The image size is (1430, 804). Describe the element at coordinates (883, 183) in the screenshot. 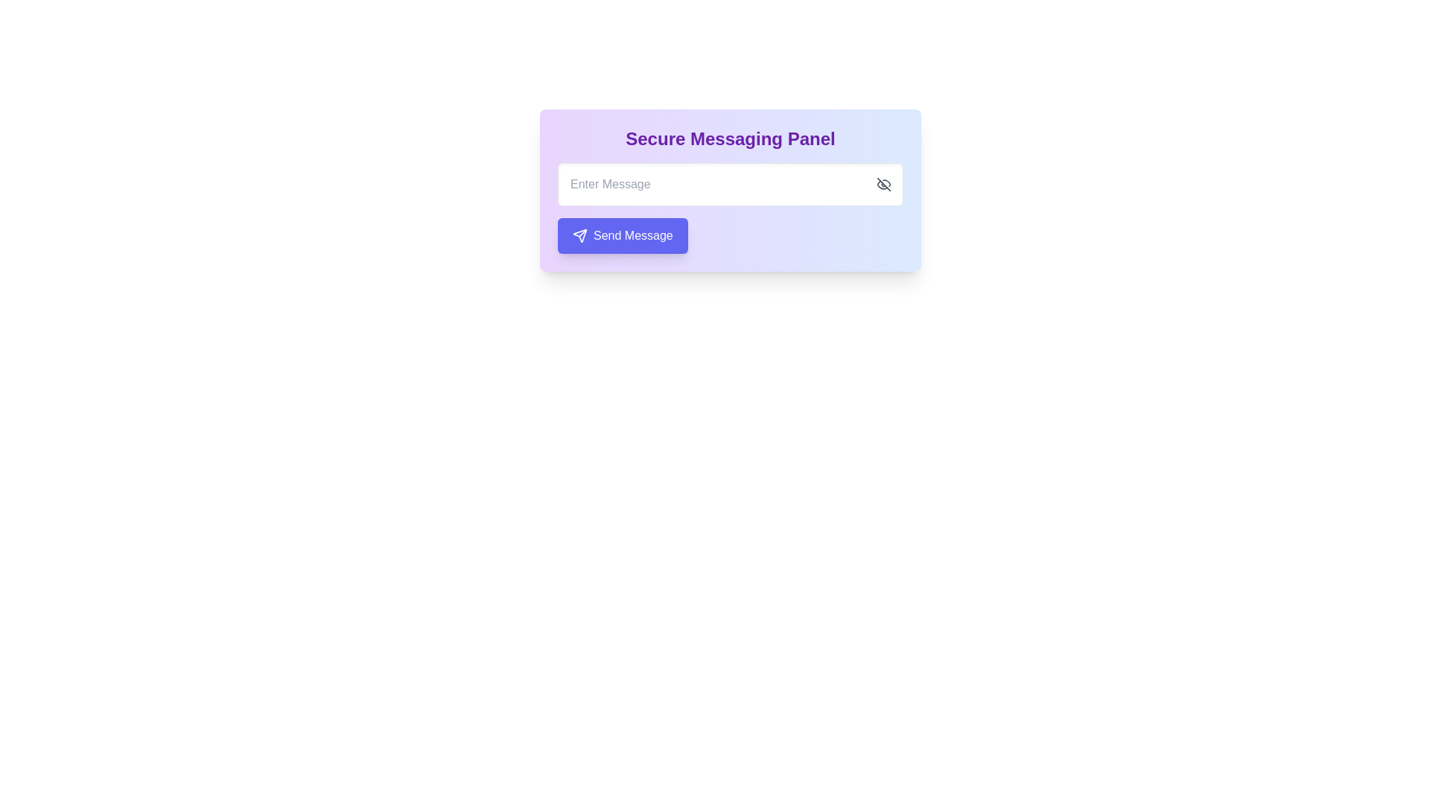

I see `the toggle visibility button located at the right end of the password input field` at that location.